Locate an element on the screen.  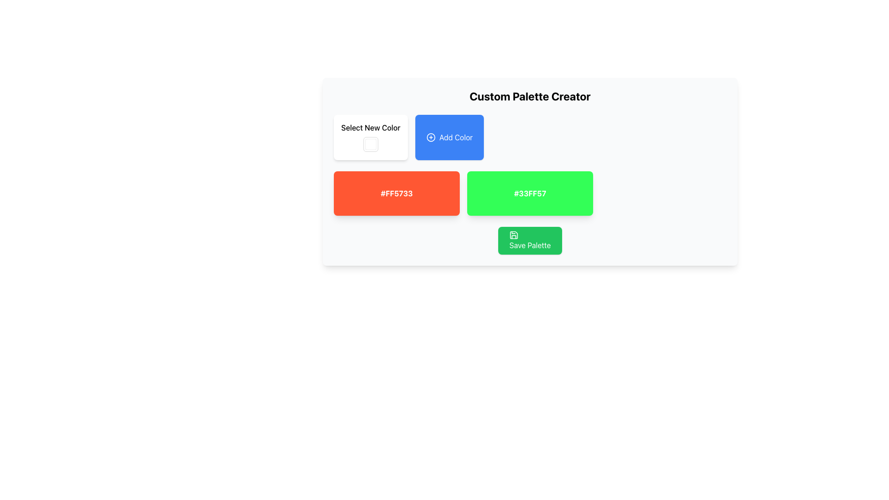
the SVG Circle element that is centered inside the 'Add Color' button, which has a thin outline and no fill is located at coordinates (430, 137).